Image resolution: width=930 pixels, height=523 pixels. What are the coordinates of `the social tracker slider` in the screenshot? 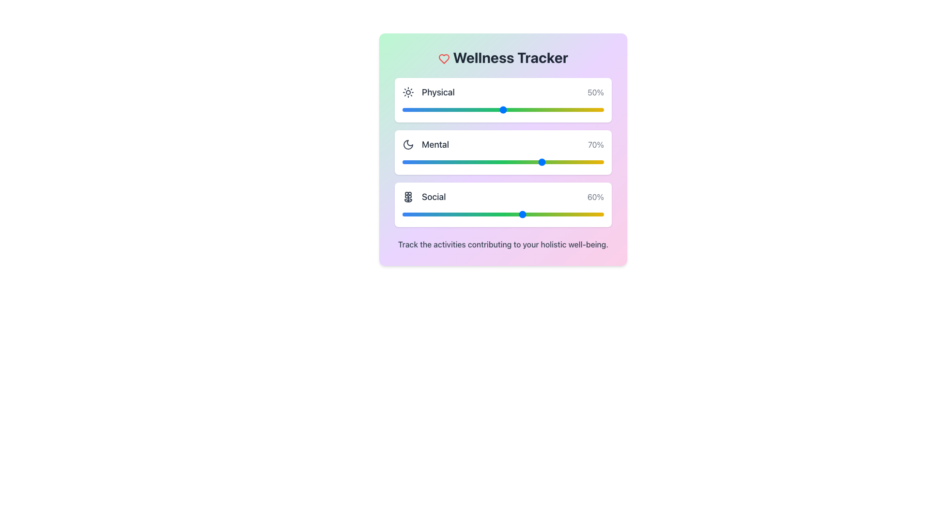 It's located at (436, 214).